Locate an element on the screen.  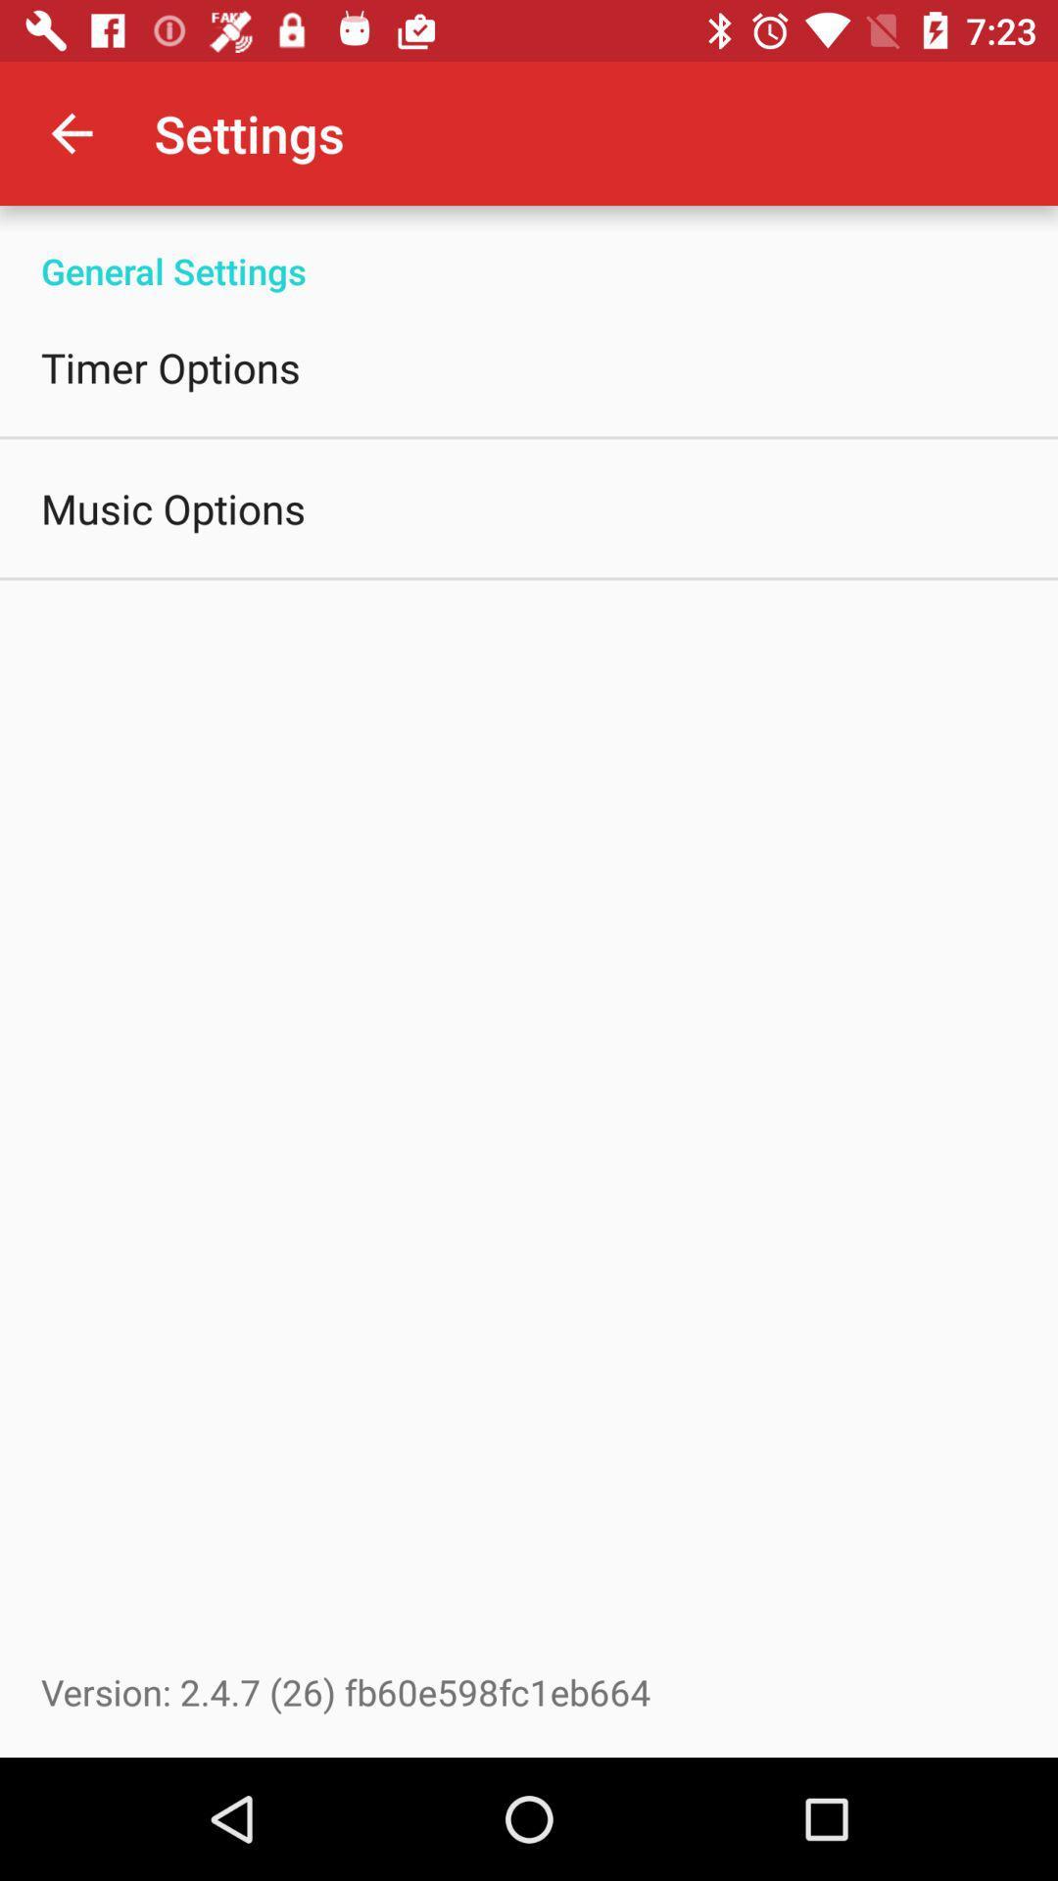
the general settings is located at coordinates (529, 249).